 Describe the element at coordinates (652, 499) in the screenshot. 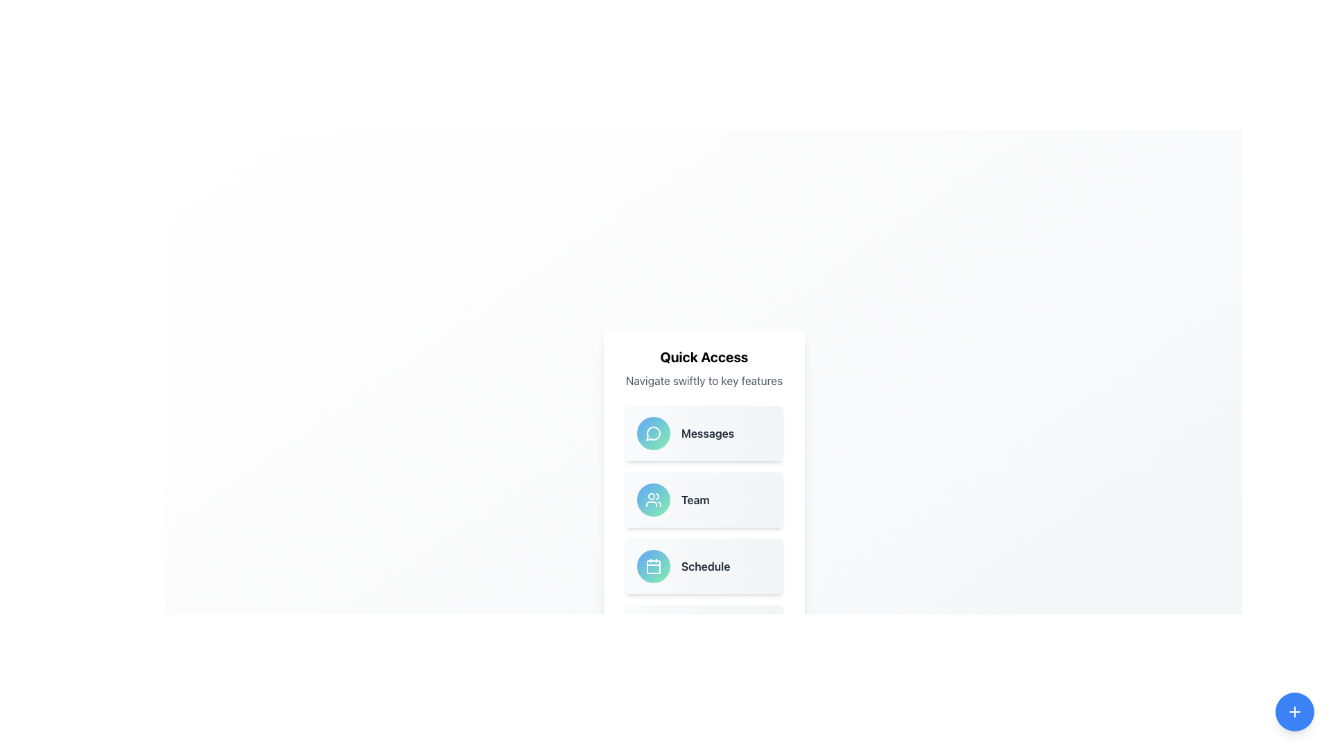

I see `the circular icon with a gradient background transitioning from blue to green, featuring a white icon of two stylized users, located in the 'Team' section of the interface as the second item in a horizontal list of features` at that location.